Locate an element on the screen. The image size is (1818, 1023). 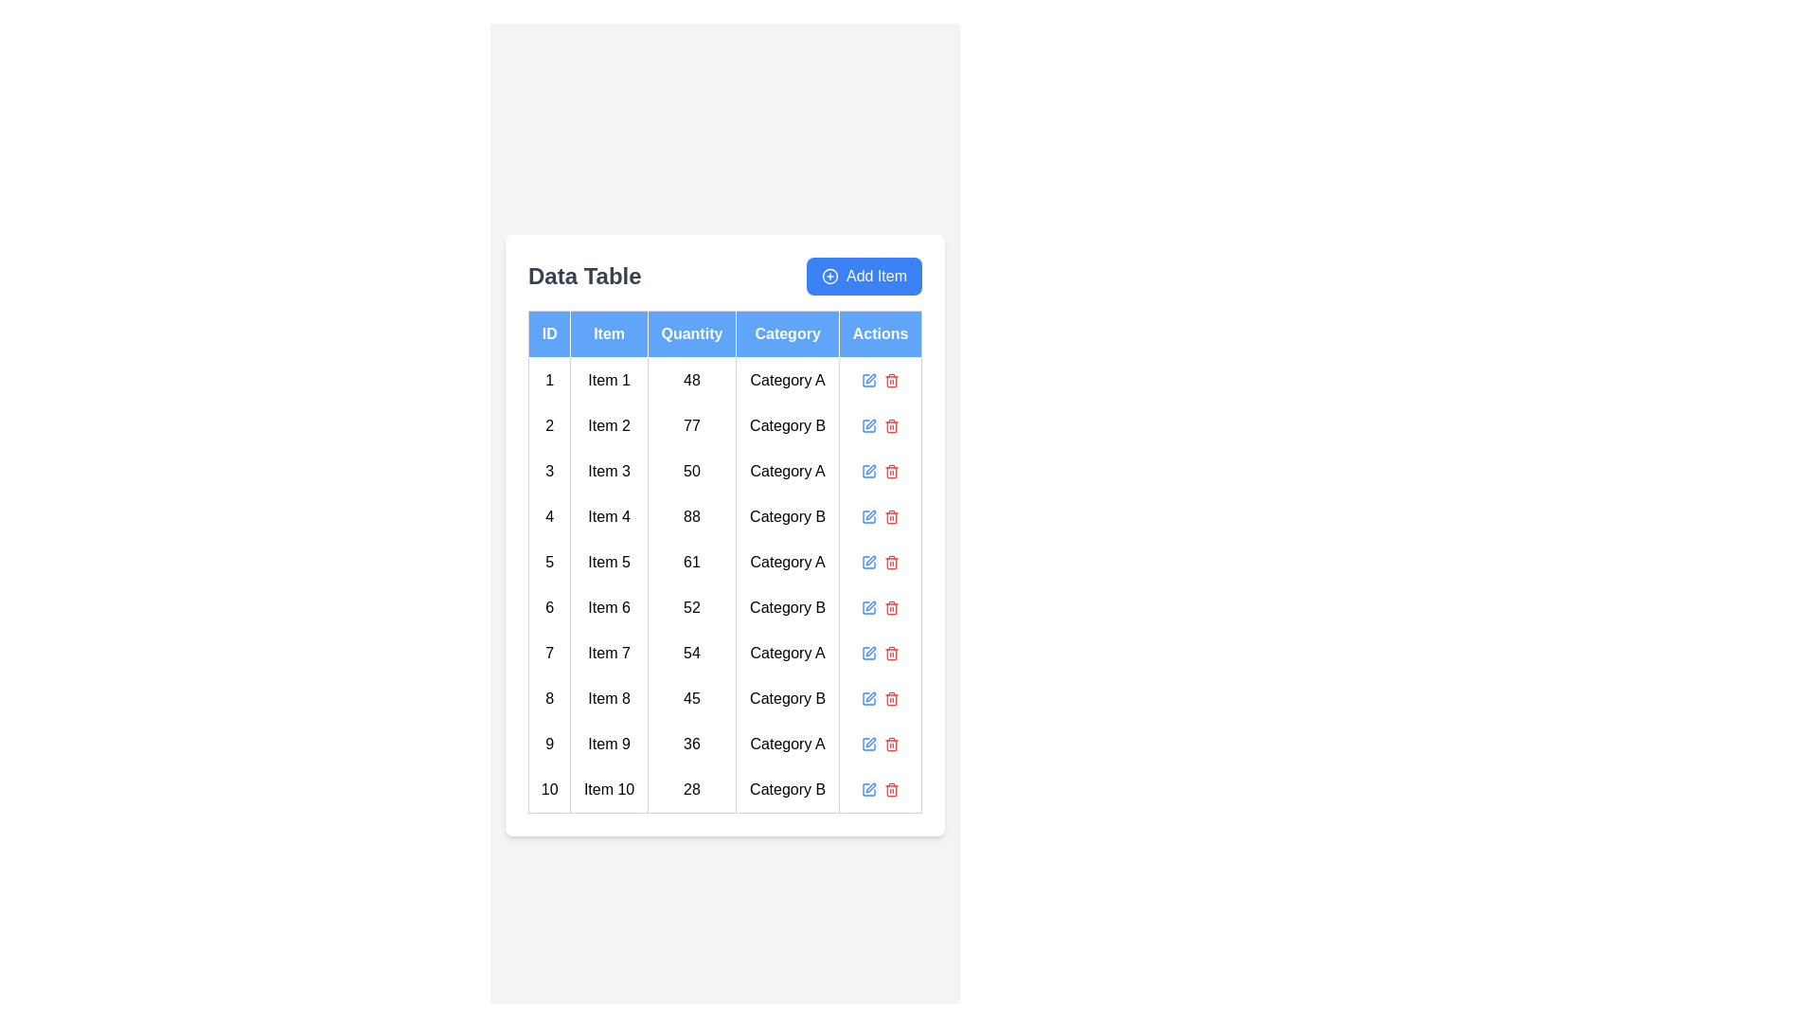
the rectangular body of the trash can icon located in the 'Actions' column of the data table for 'Item 10' is located at coordinates (891, 790).